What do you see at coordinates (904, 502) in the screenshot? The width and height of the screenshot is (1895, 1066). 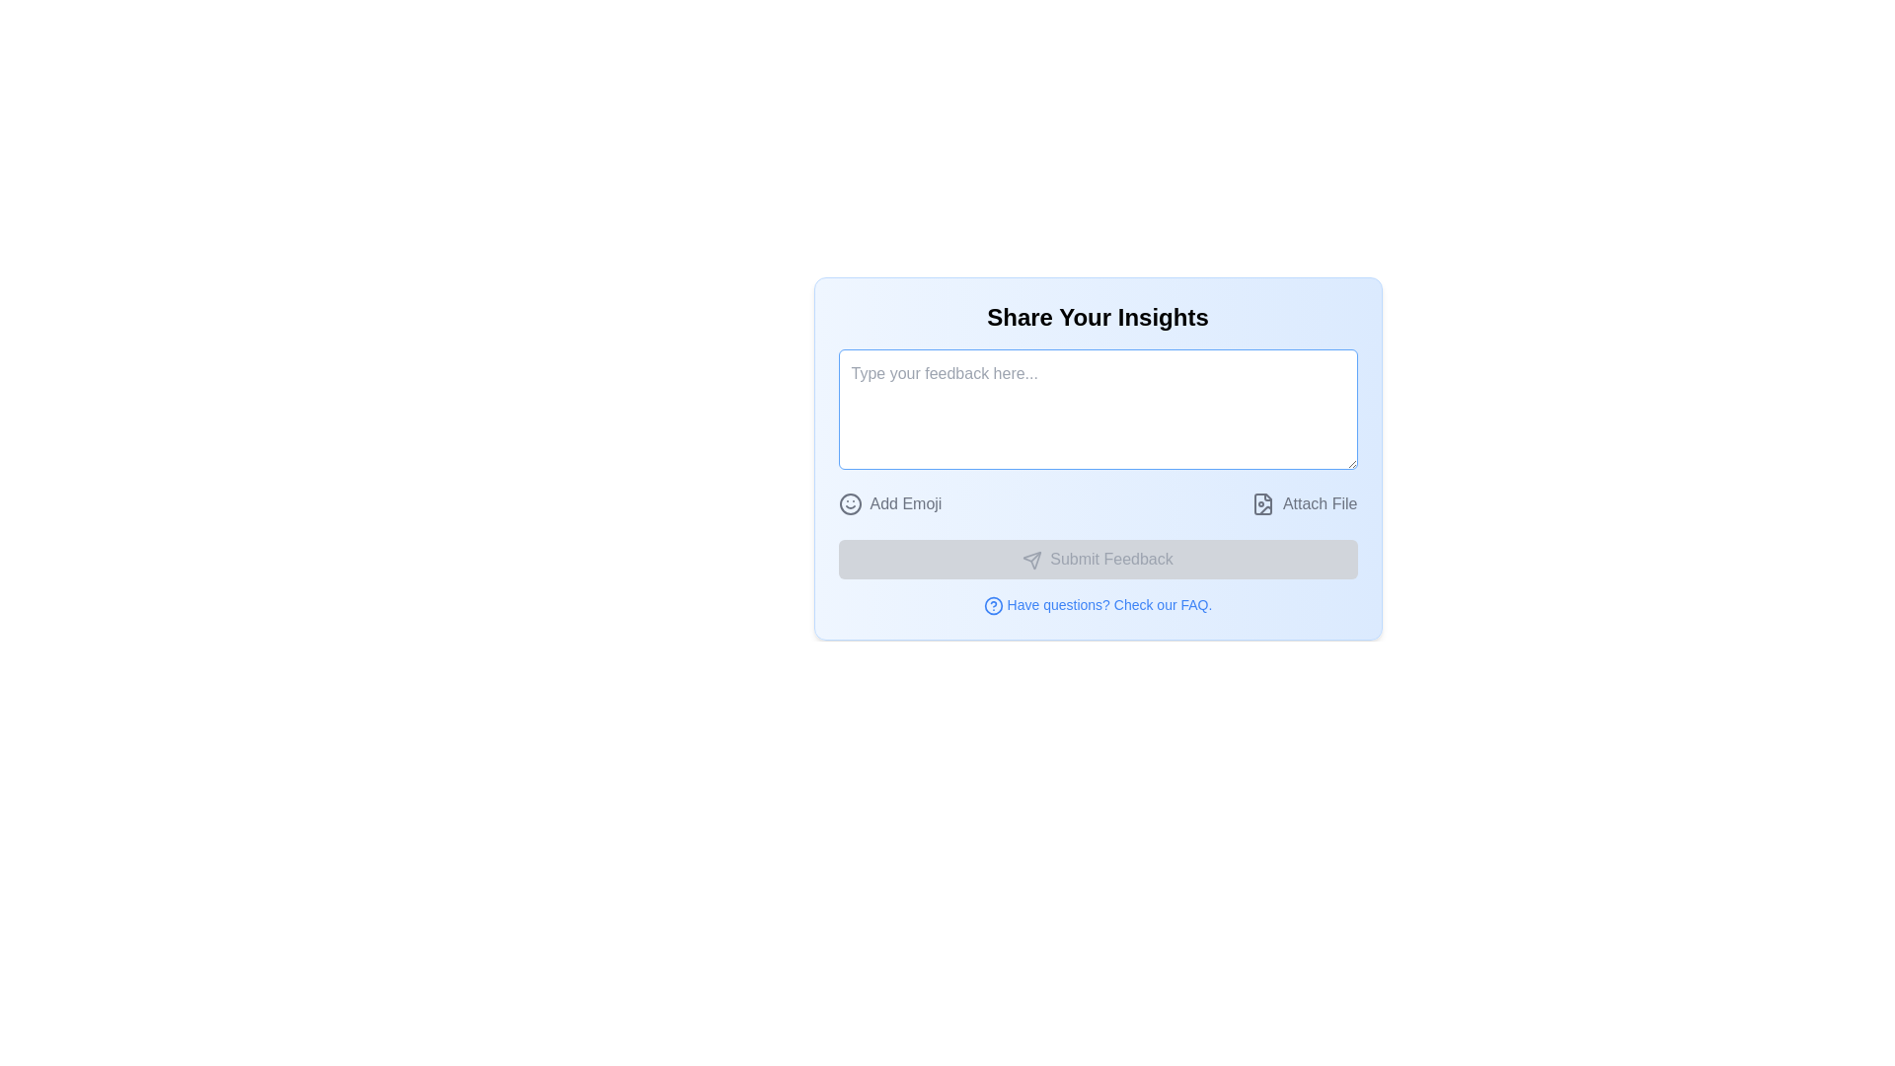 I see `the 'Add Emoji' text label element, which is displayed in gray on a light blue background, positioned next to an emoji icon and to the left of an 'Attach File' option` at bounding box center [904, 502].